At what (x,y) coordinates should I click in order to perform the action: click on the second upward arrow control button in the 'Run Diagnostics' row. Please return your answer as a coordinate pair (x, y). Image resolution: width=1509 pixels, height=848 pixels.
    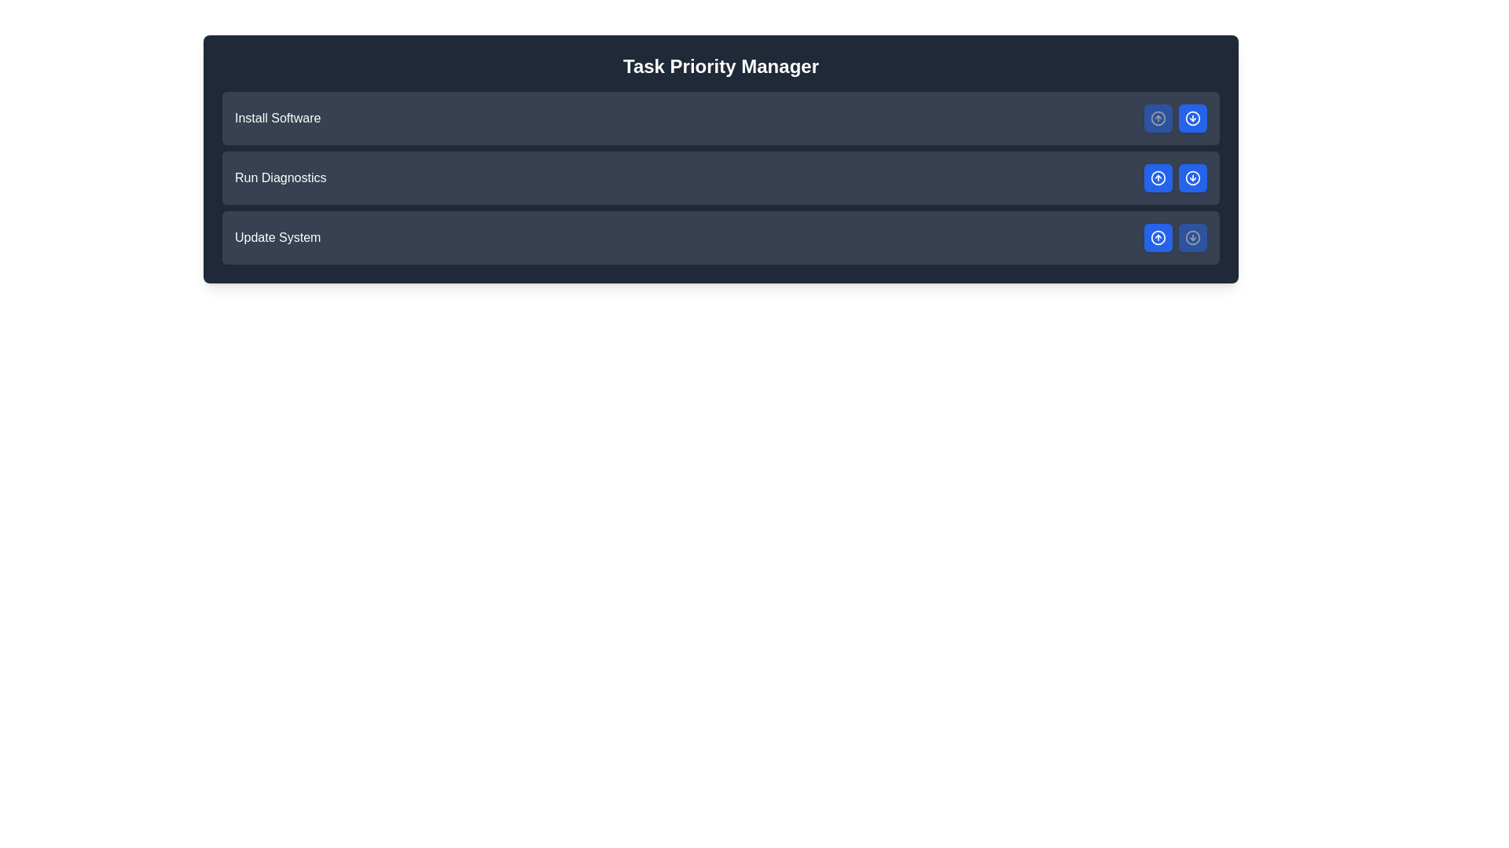
    Looking at the image, I should click on (1158, 177).